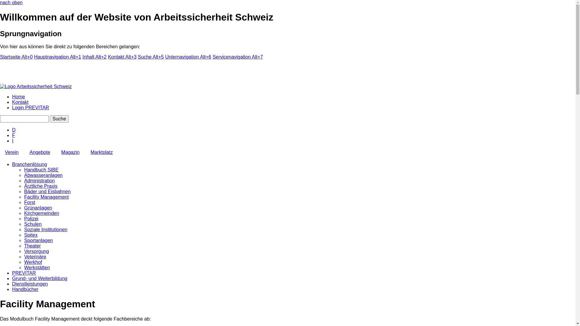  What do you see at coordinates (237, 57) in the screenshot?
I see `'Servicenavigation Alt+7'` at bounding box center [237, 57].